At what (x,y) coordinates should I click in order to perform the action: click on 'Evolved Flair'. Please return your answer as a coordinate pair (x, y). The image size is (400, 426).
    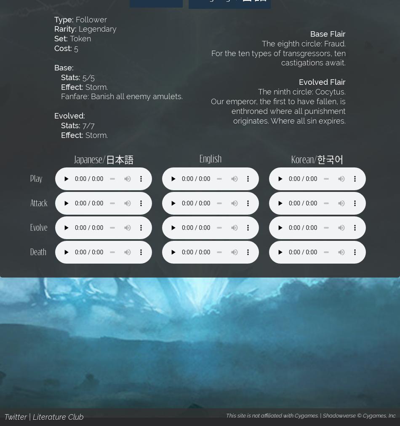
    Looking at the image, I should click on (322, 81).